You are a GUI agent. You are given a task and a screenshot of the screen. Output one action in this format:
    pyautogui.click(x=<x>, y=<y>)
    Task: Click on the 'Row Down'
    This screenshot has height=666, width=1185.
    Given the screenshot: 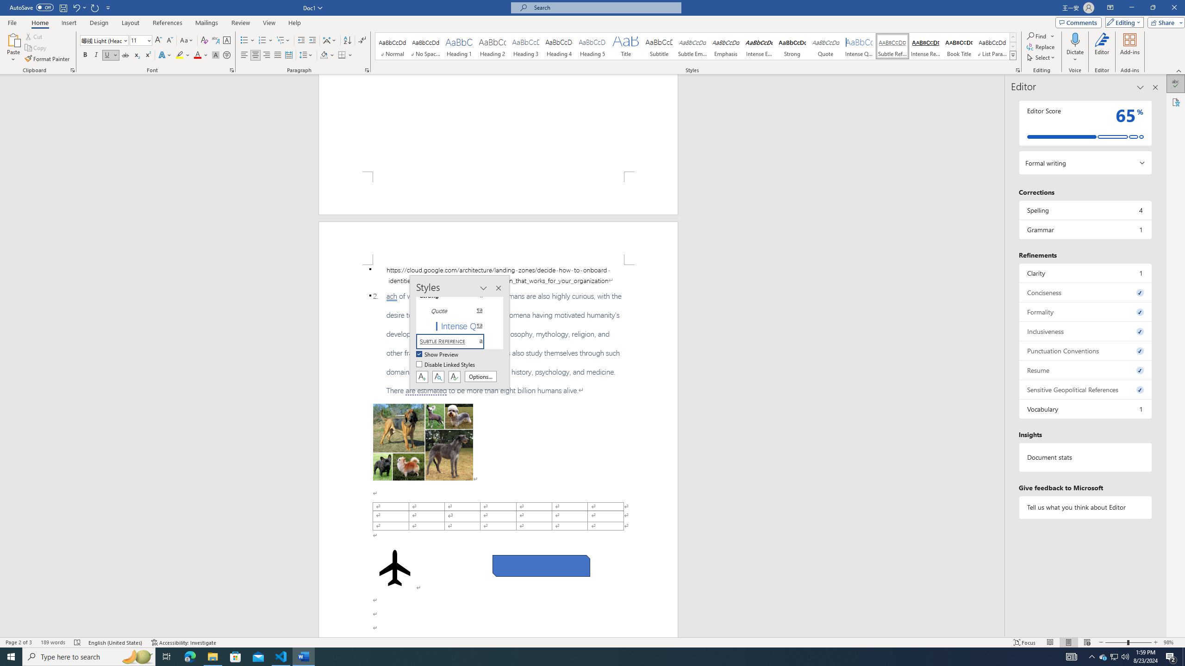 What is the action you would take?
    pyautogui.click(x=1013, y=46)
    